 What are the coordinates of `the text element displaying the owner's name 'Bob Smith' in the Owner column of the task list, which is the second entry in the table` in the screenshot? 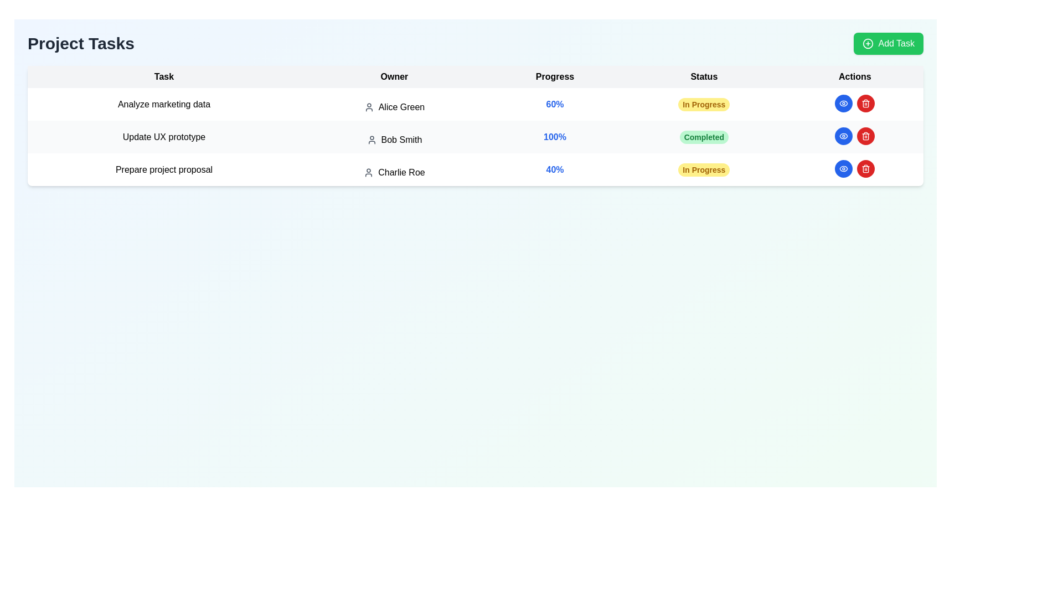 It's located at (394, 140).